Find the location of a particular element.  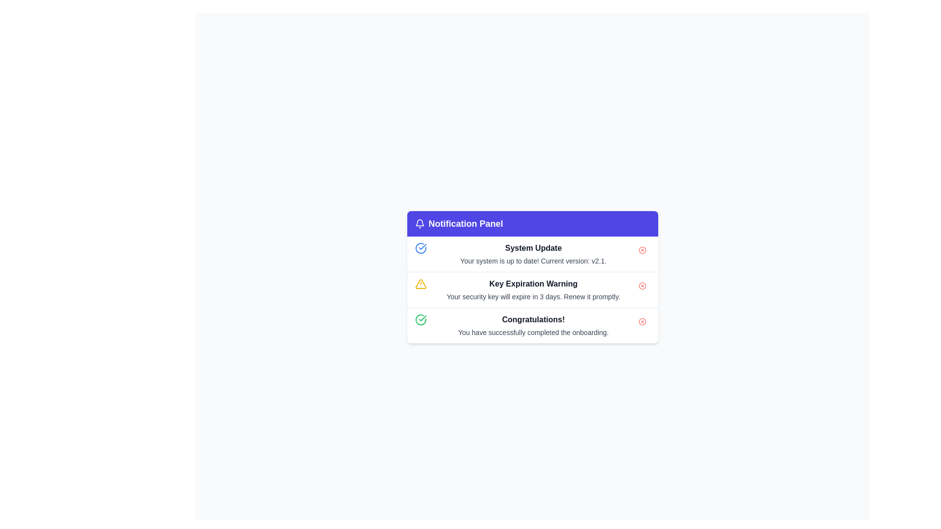

information displayed in the text element located directly below the 'System Update' header in the Notification Panel is located at coordinates (533, 260).